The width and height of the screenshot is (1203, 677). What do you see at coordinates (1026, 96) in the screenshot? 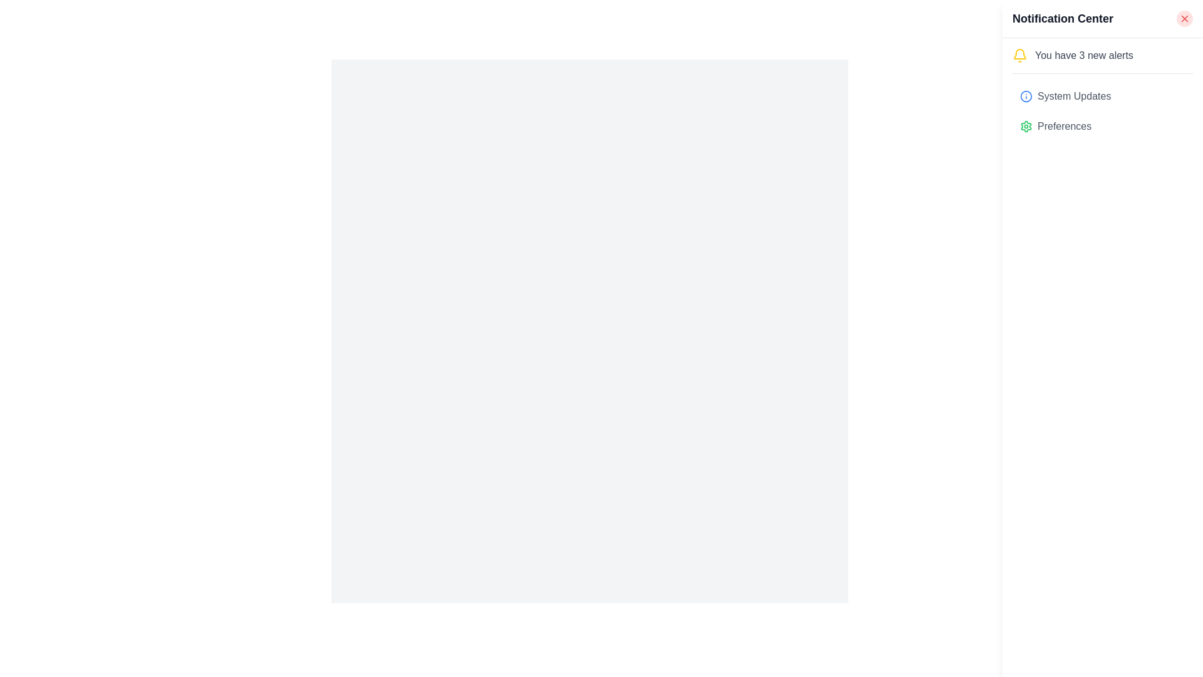
I see `the decorative or informative icon associated with the 'System Updates' menu item located at the left side of the 'System Updates' text in the notification center` at bounding box center [1026, 96].